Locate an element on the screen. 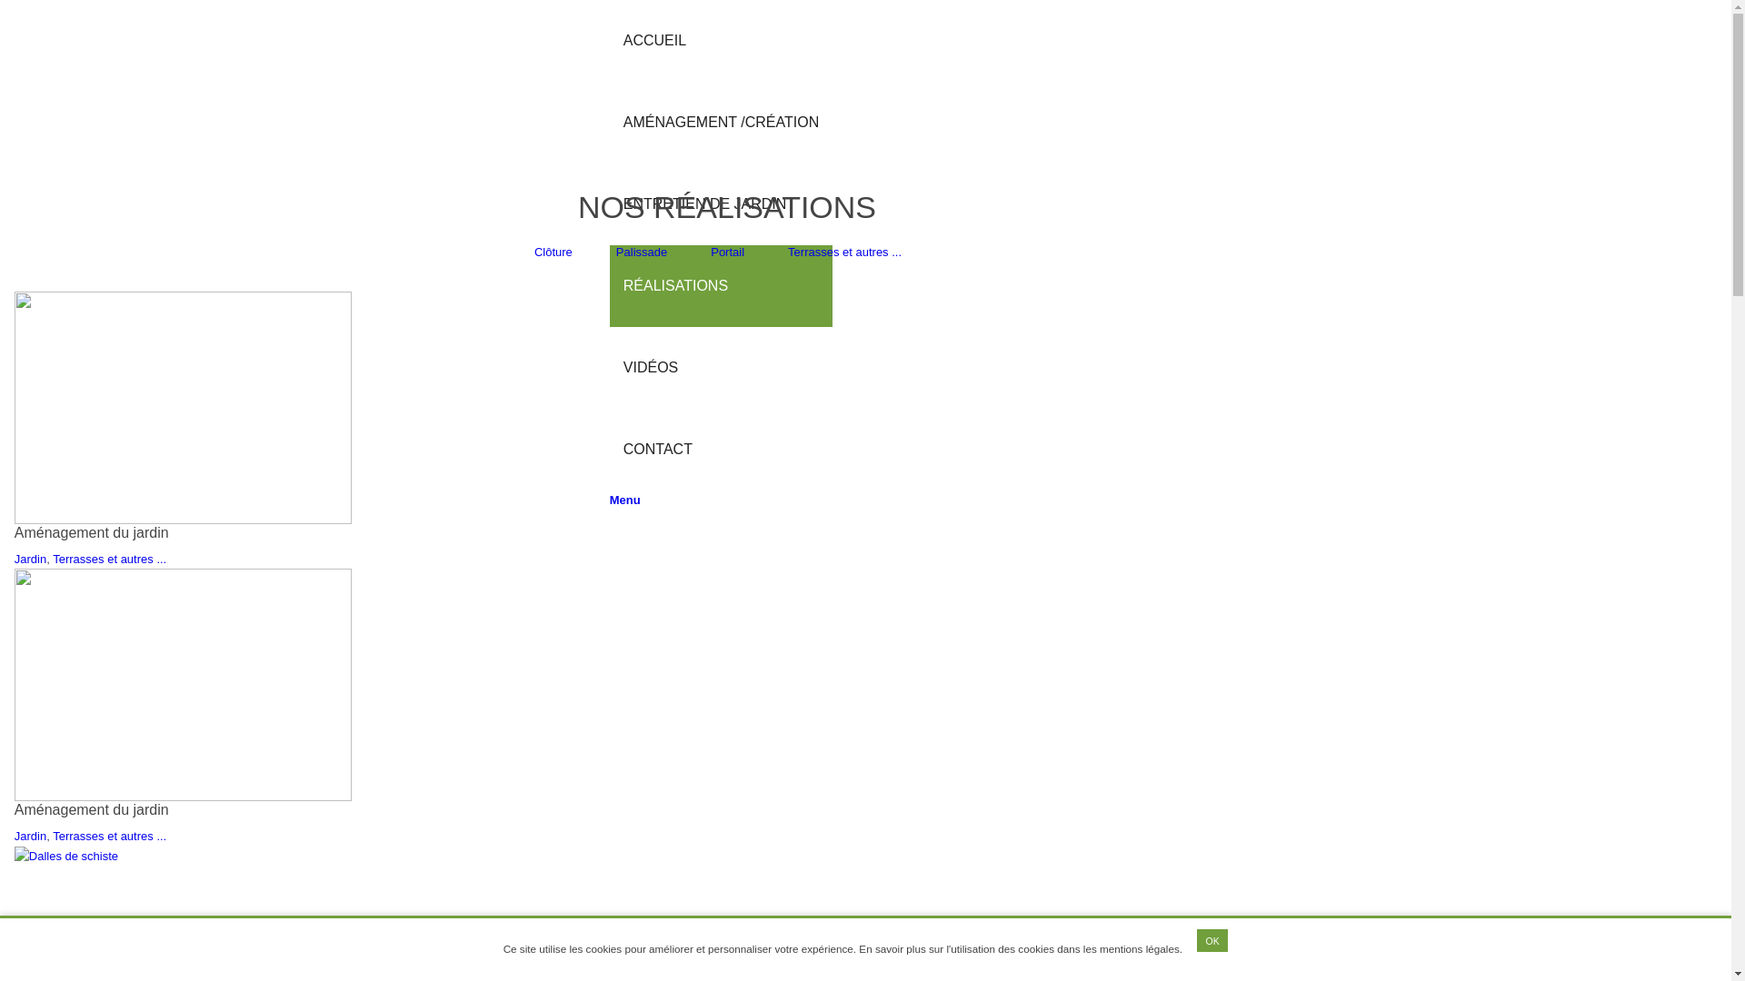  'Terrasses et autres ...' is located at coordinates (843, 252).